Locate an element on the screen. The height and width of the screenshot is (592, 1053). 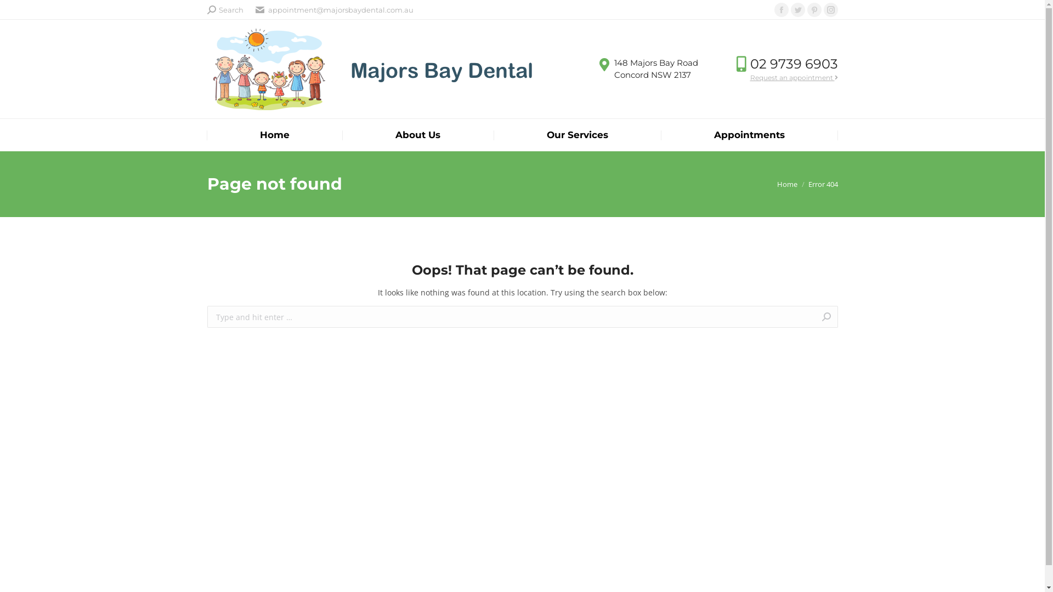
'Facebook page opens in new window' is located at coordinates (781, 10).